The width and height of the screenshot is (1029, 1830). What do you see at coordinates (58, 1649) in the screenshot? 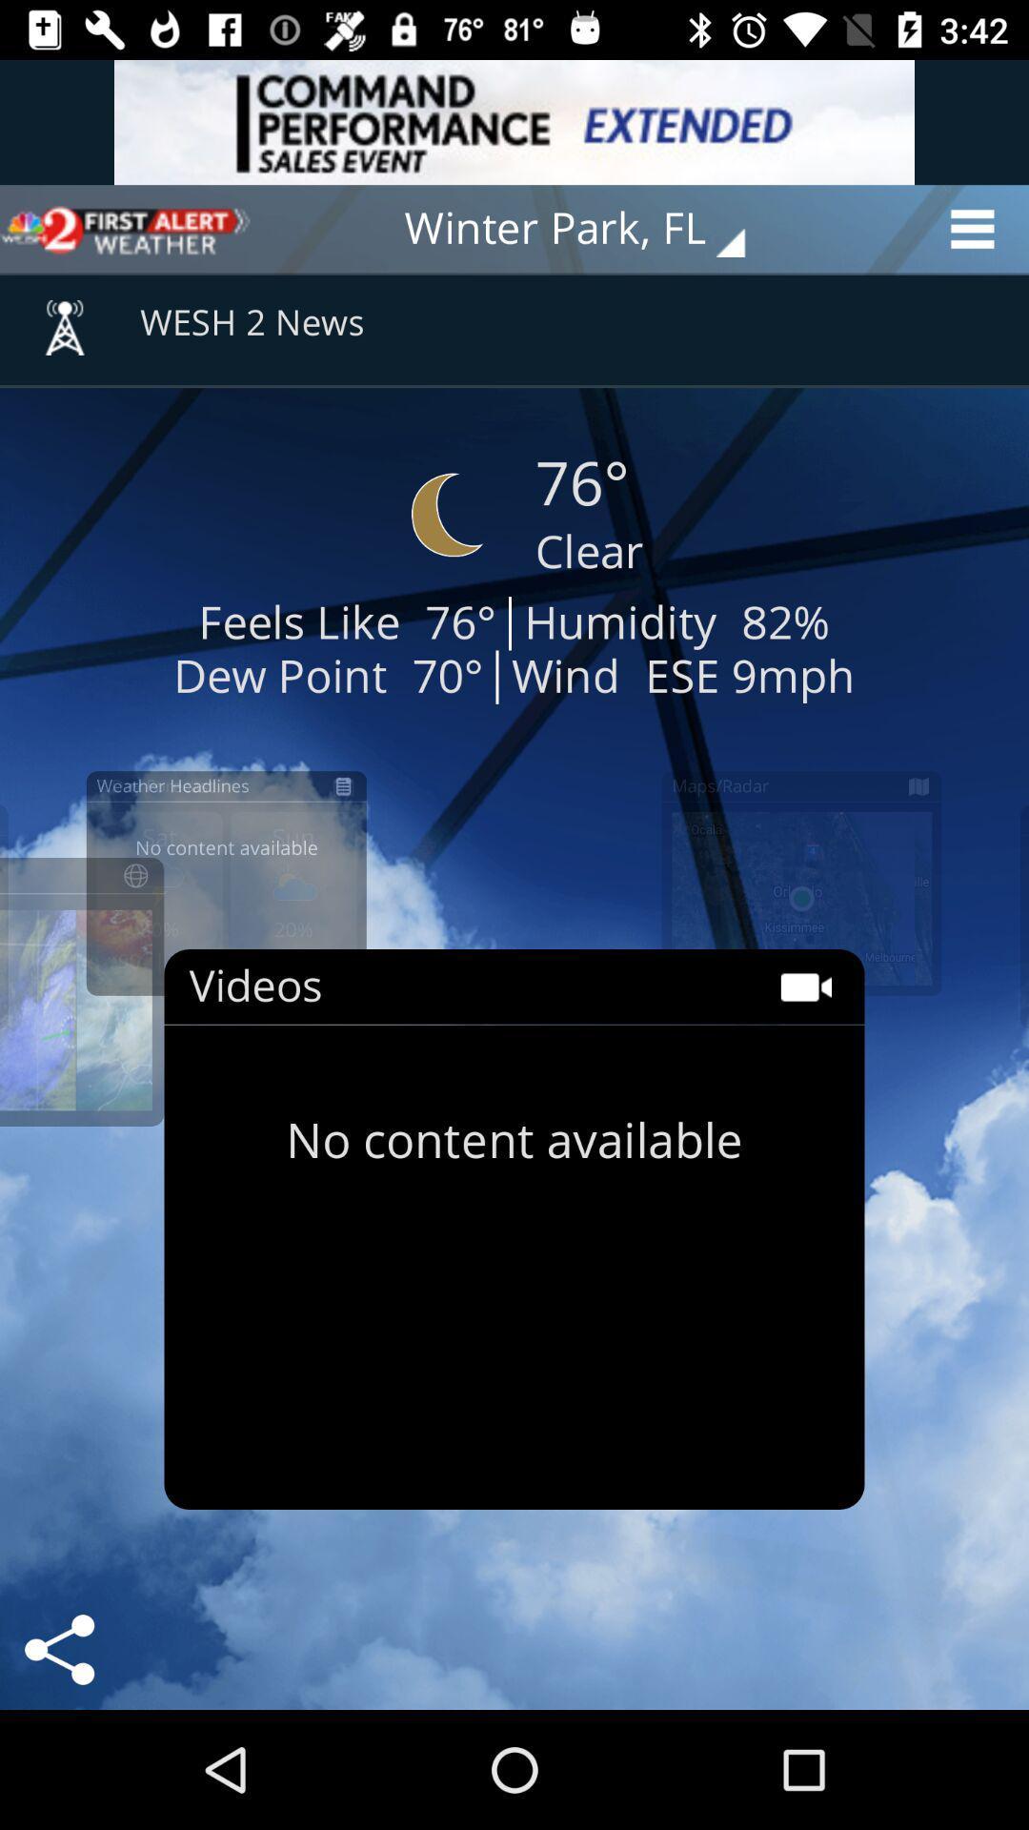
I see `the share icon` at bounding box center [58, 1649].